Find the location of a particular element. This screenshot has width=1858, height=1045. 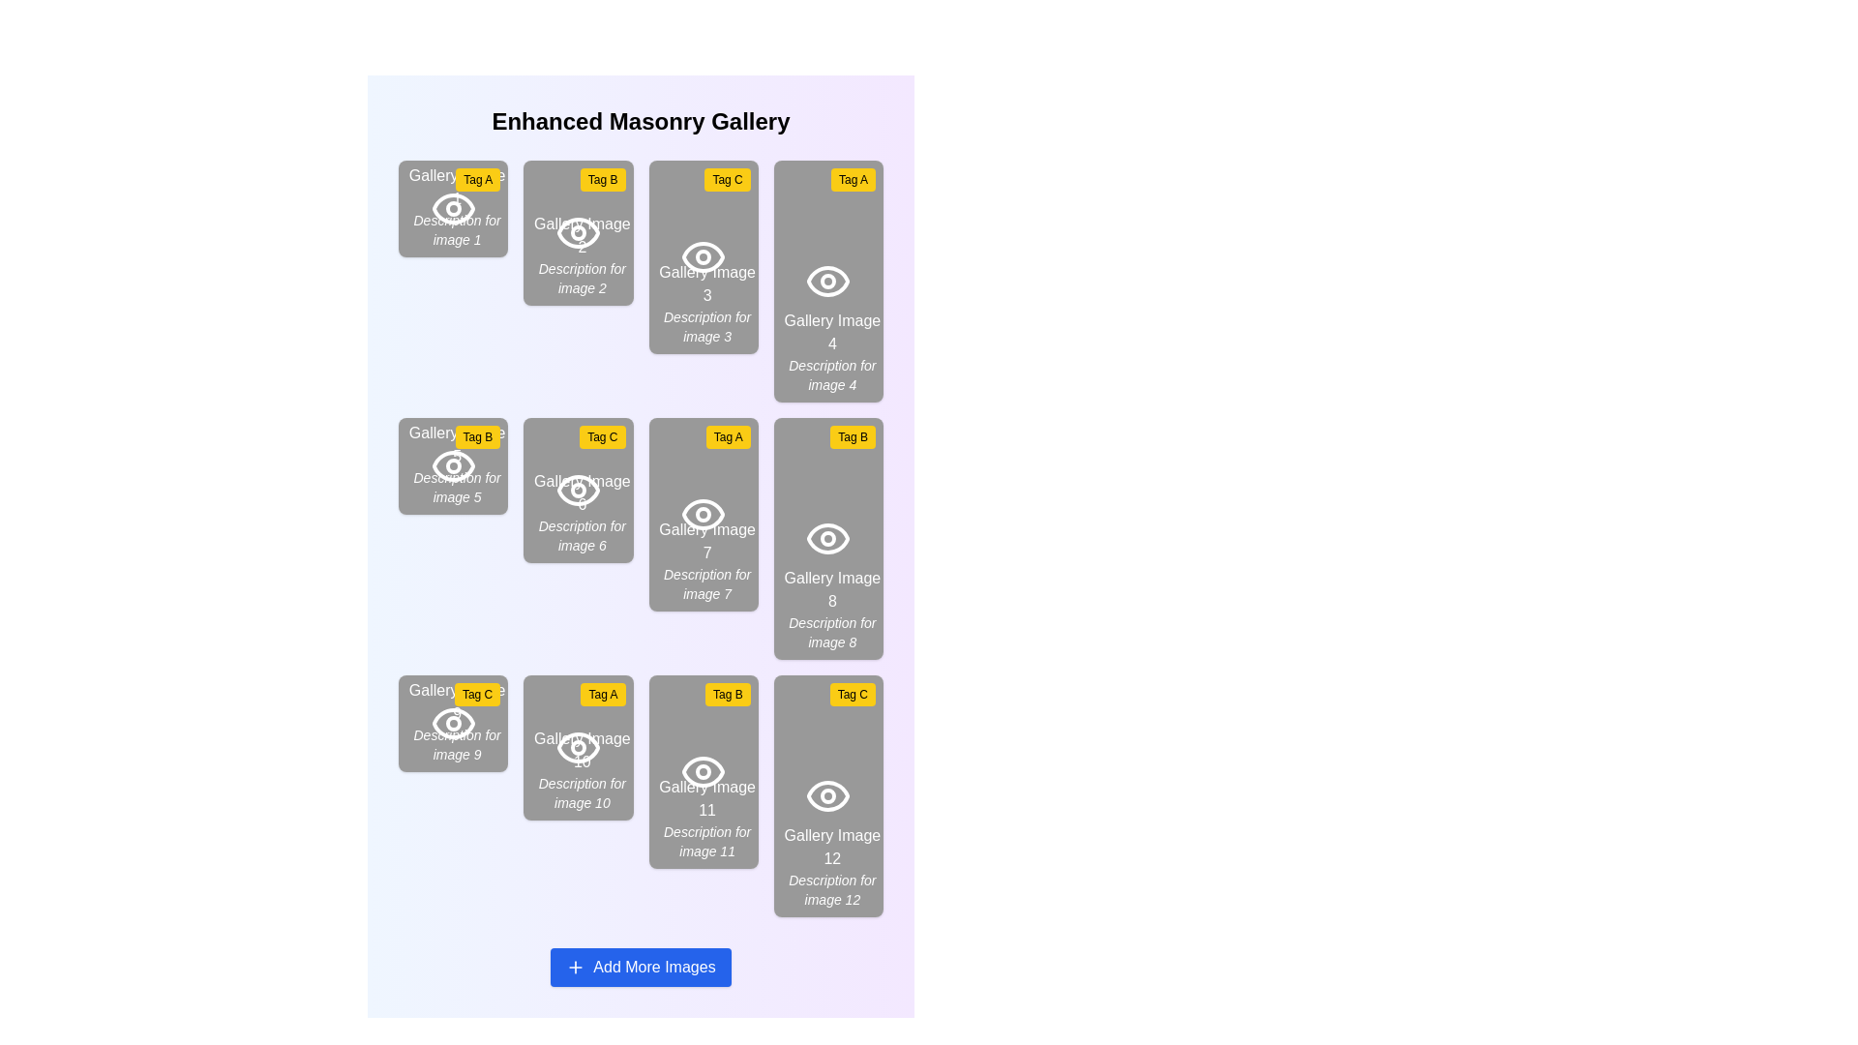

the icon button positioned at the center of the tile labeled 'Gallery Image 4', which serves as an indicator for interacting with the gallery image is located at coordinates (828, 281).